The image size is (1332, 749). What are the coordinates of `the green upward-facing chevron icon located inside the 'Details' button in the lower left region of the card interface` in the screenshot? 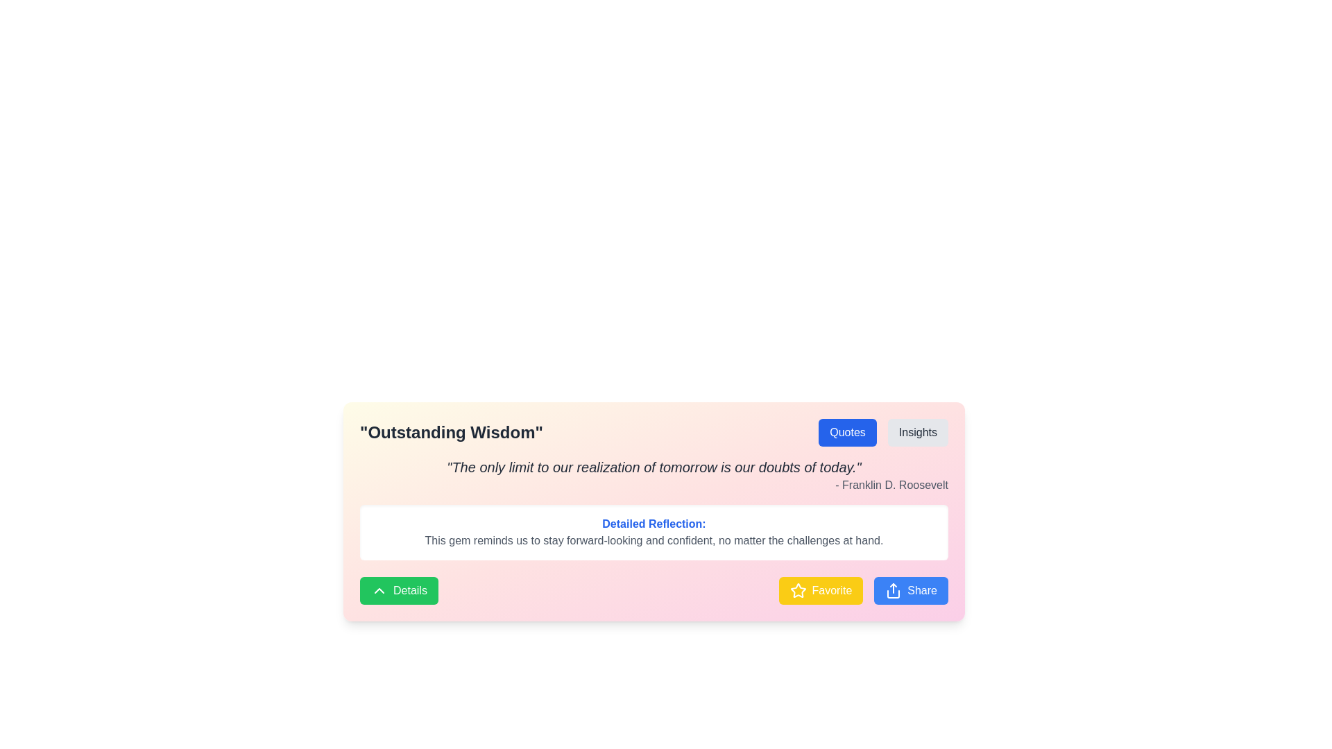 It's located at (379, 591).